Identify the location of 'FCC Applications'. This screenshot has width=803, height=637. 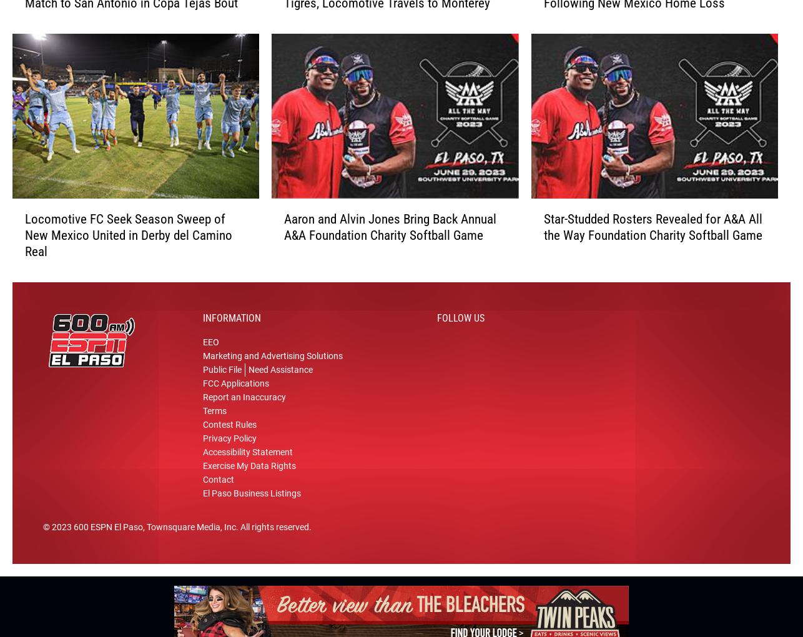
(235, 387).